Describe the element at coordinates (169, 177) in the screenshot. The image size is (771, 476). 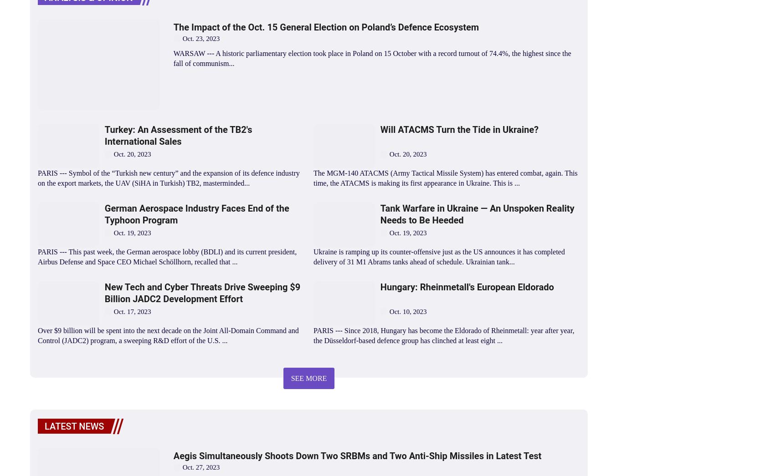
I see `'PARIS --- Symbol of the “Turkish new century” and the expansion of its defence industry on the export markets, the UAV (SiHA in Turkish) TB2, masterminded...'` at that location.